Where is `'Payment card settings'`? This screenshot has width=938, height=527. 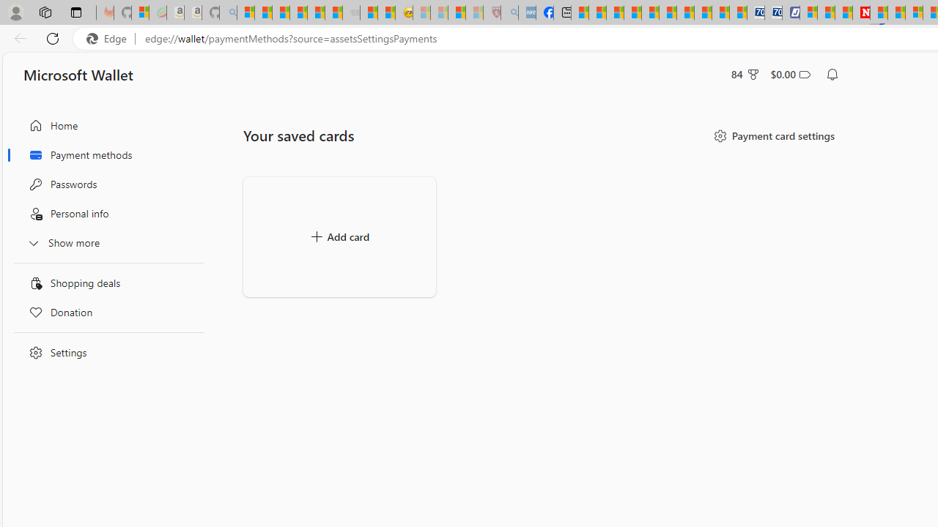
'Payment card settings' is located at coordinates (772, 136).